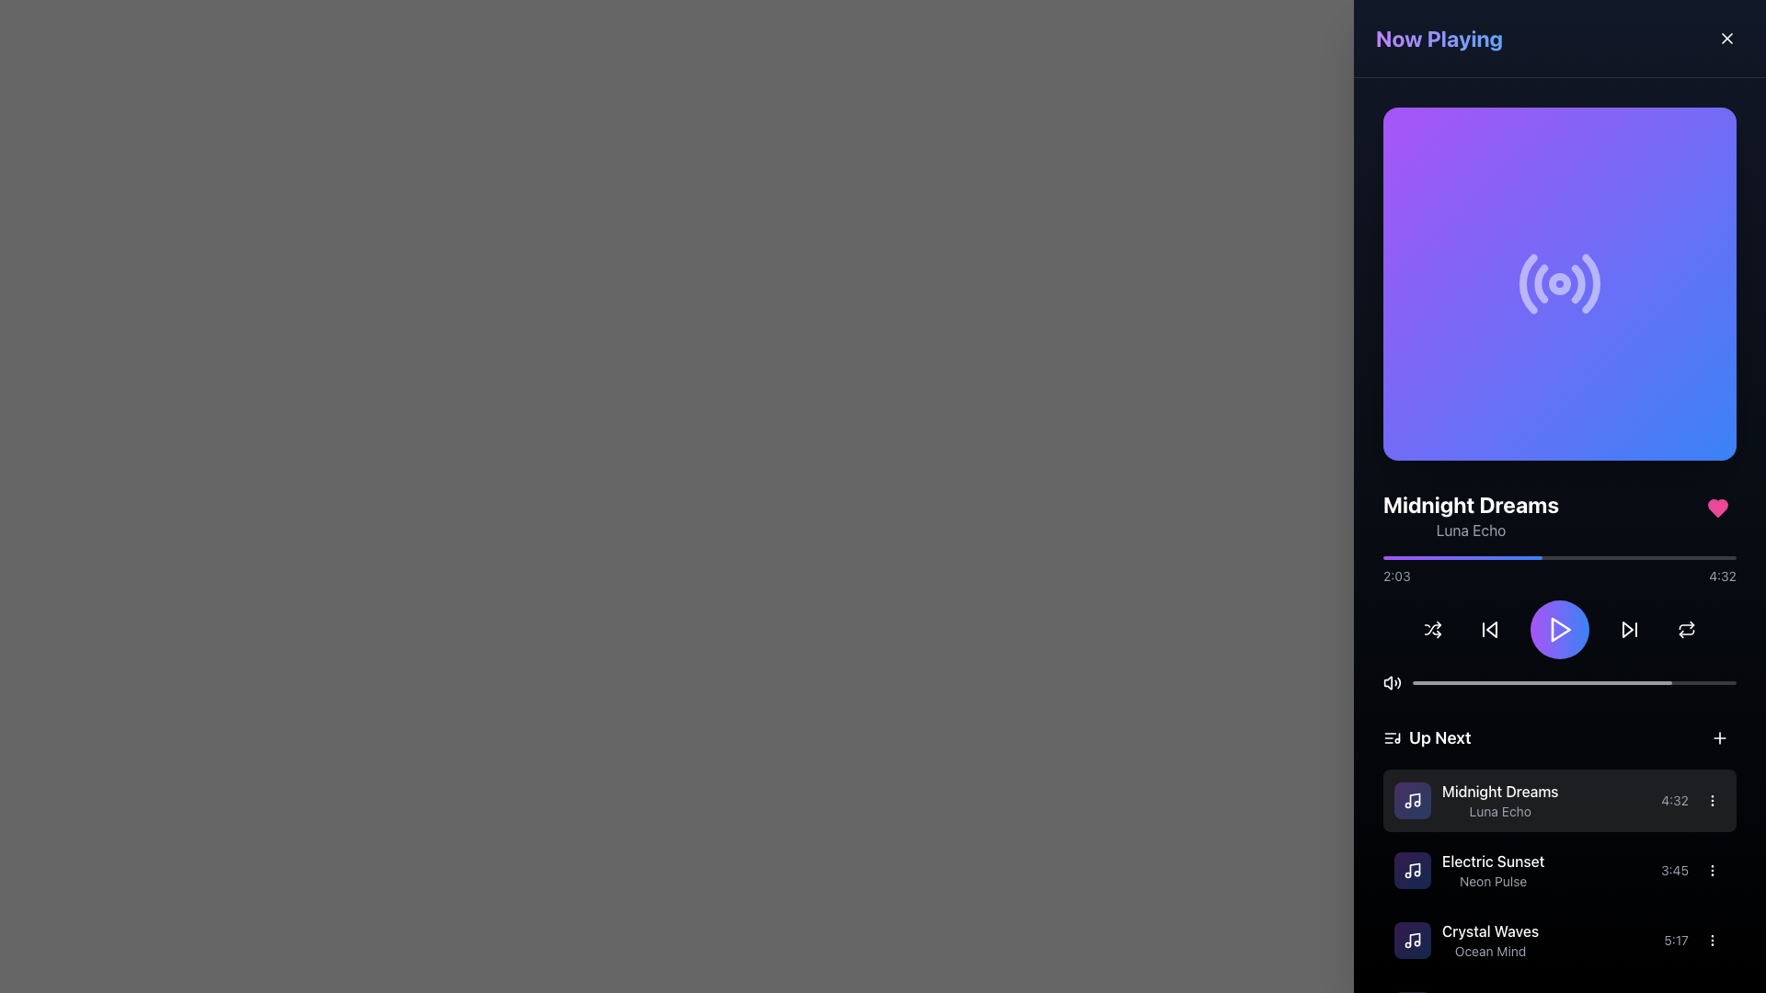  What do you see at coordinates (1722, 576) in the screenshot?
I see `the text label displaying '4:32' in the bottom-right section of the 'Now Playing' panel, which is close to the playback progress bar` at bounding box center [1722, 576].